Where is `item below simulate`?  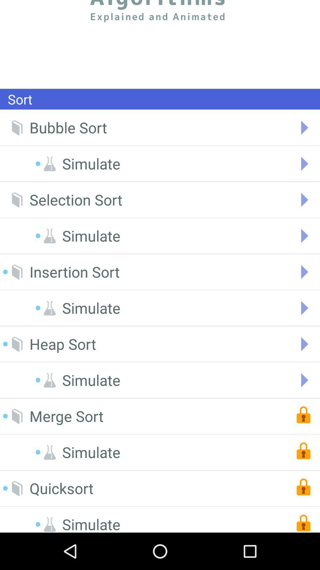 item below simulate is located at coordinates (66, 416).